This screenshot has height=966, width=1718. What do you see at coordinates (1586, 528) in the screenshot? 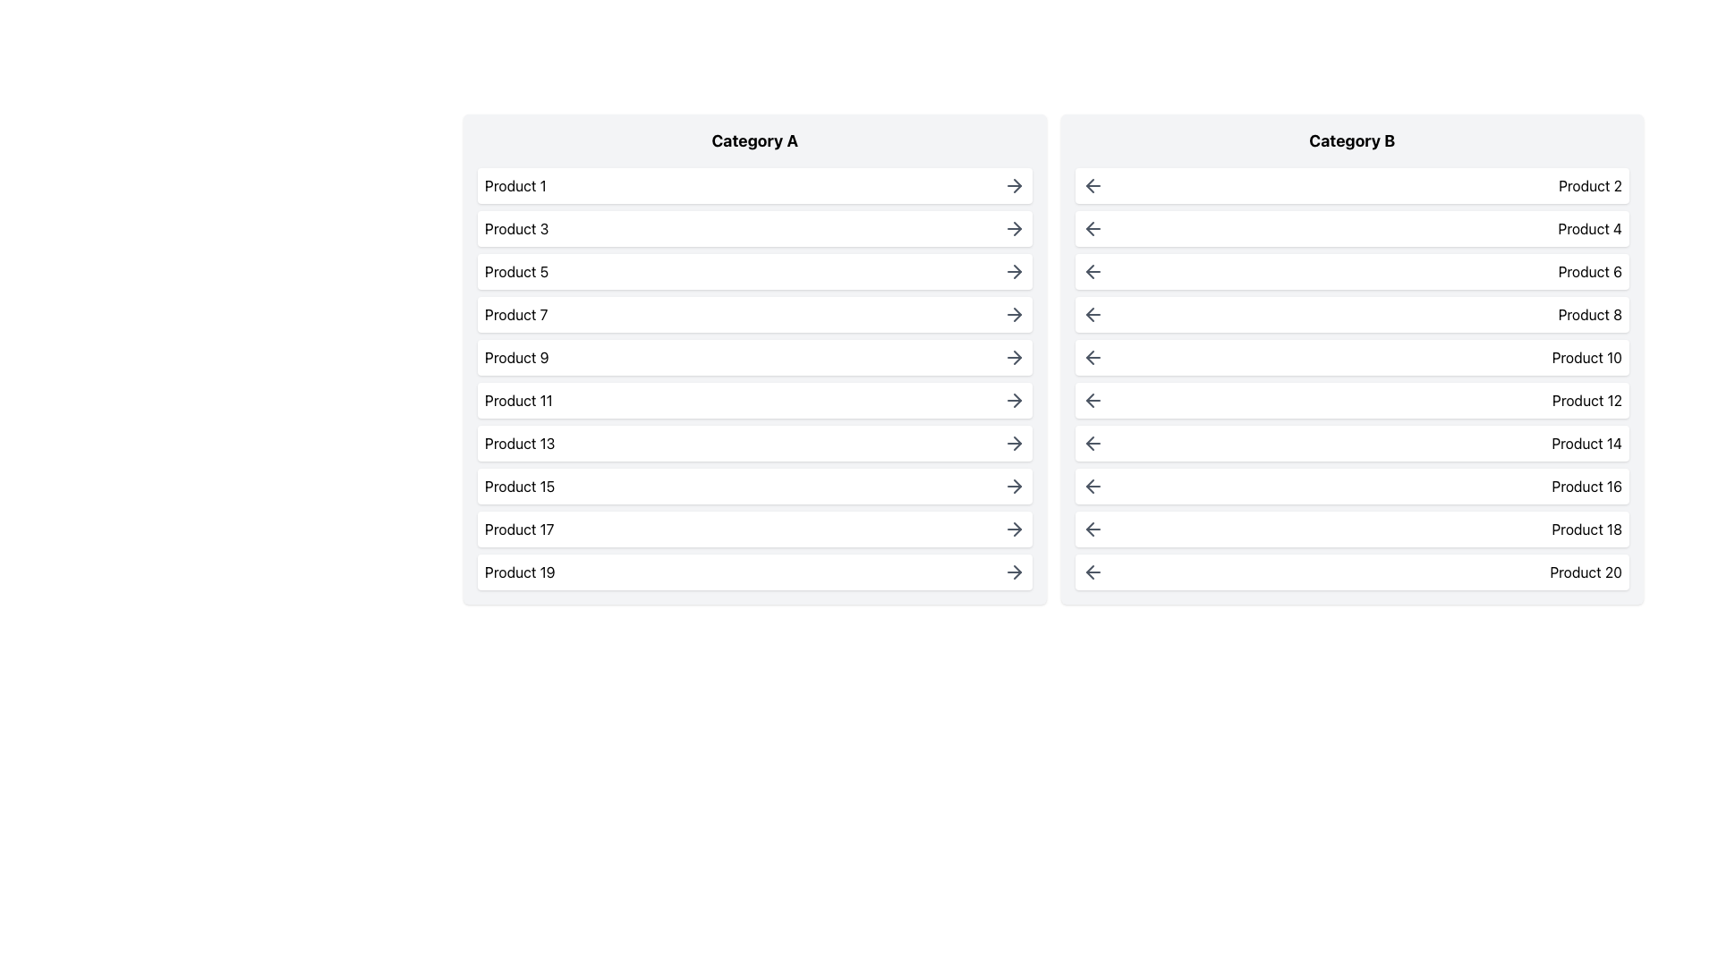
I see `the text label indicating 'Product 18' in the right-hand list titled 'Category B', which is the second-to-last entry with a 'back-arrow' icon to its left` at bounding box center [1586, 528].